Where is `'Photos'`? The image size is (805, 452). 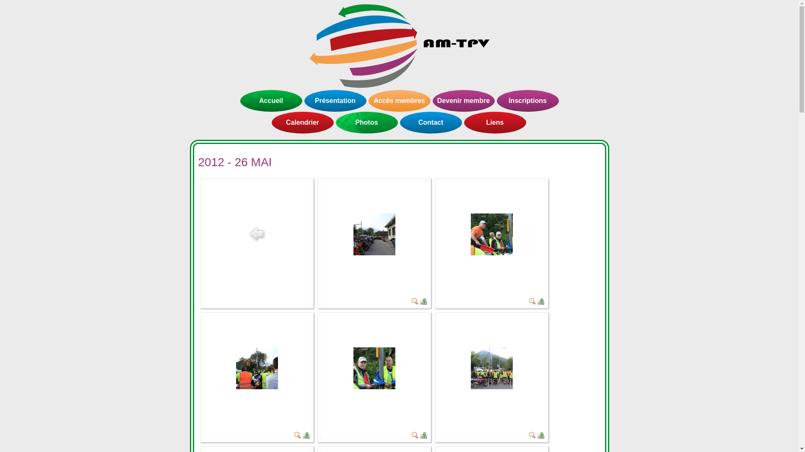 'Photos' is located at coordinates (366, 123).